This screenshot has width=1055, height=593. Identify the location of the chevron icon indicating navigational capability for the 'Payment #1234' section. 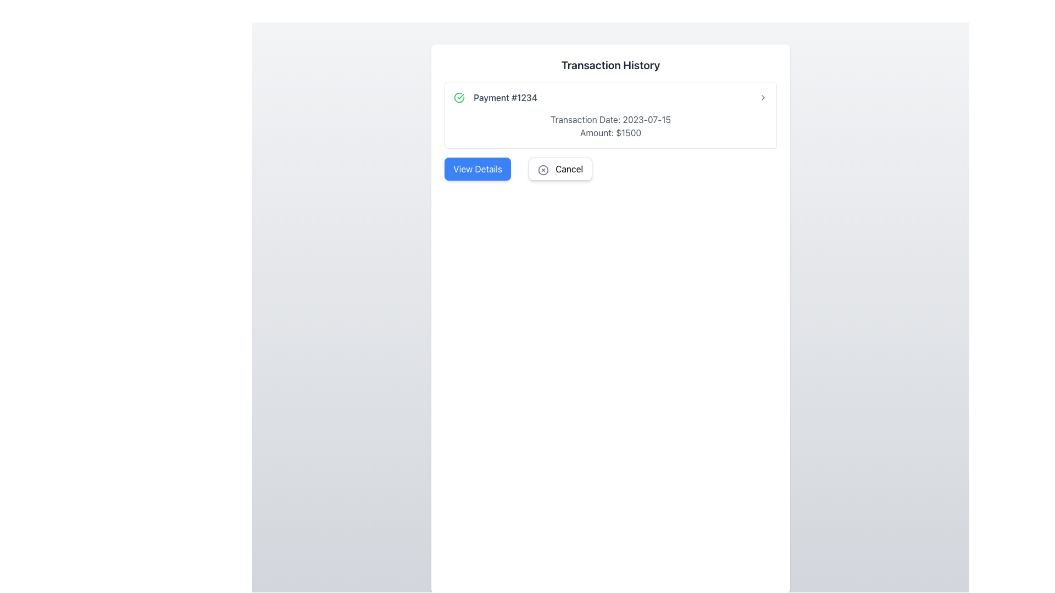
(762, 97).